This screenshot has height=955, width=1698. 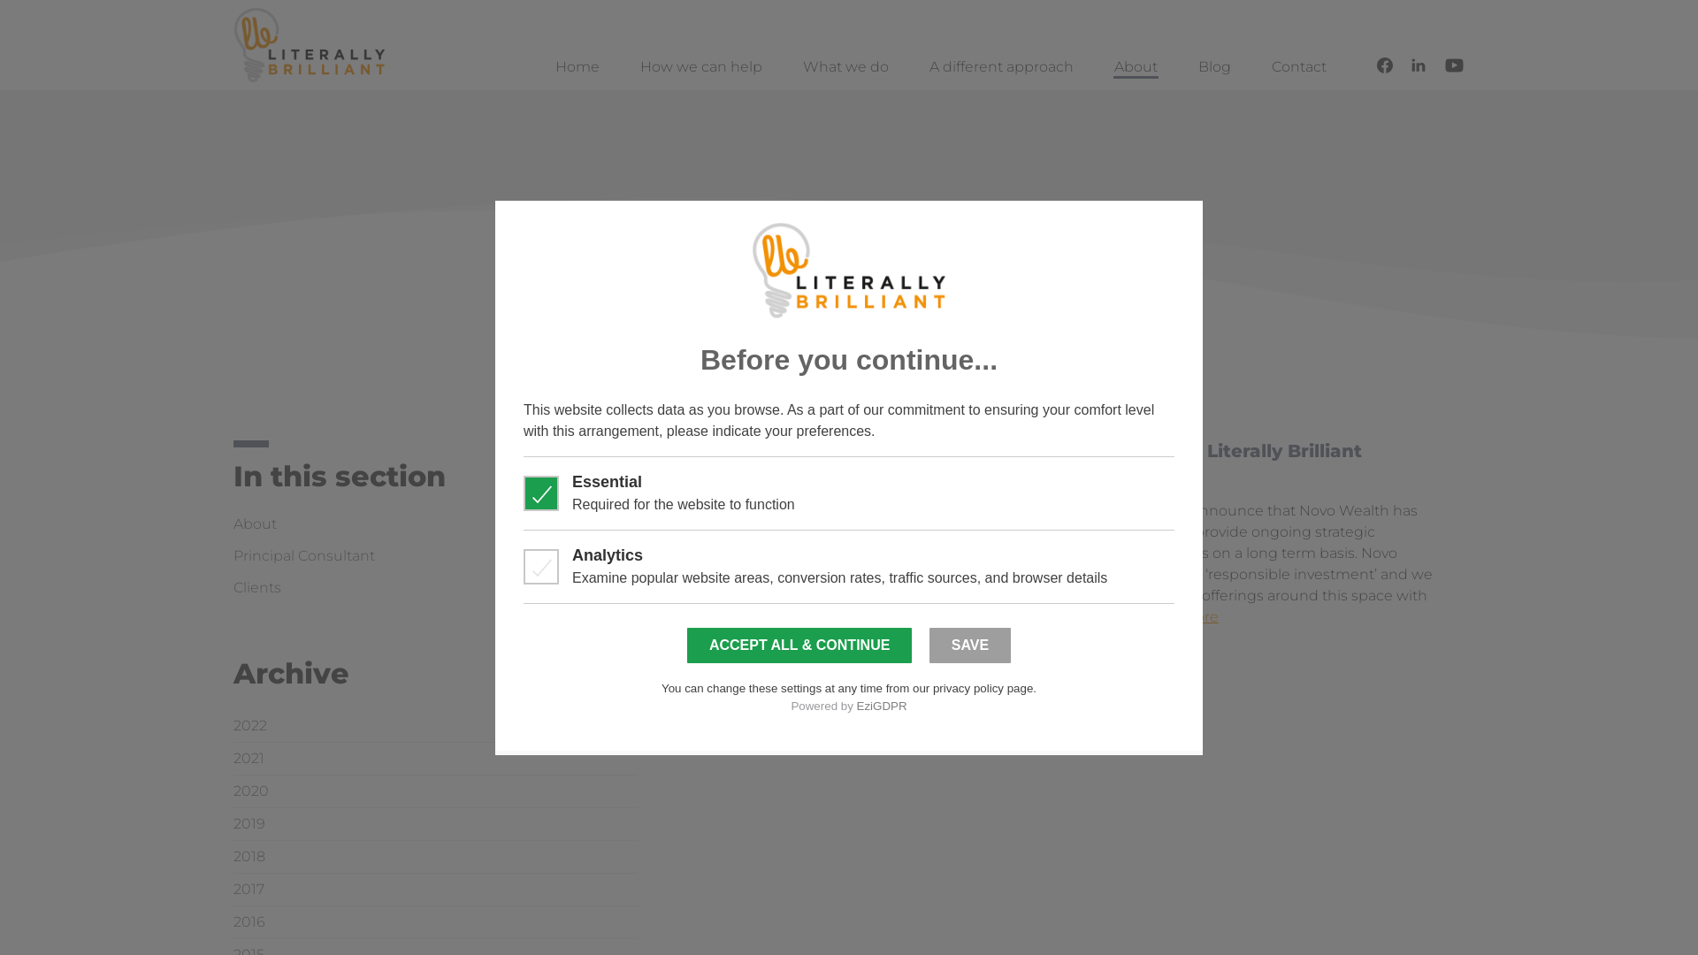 What do you see at coordinates (700, 66) in the screenshot?
I see `'How we can help'` at bounding box center [700, 66].